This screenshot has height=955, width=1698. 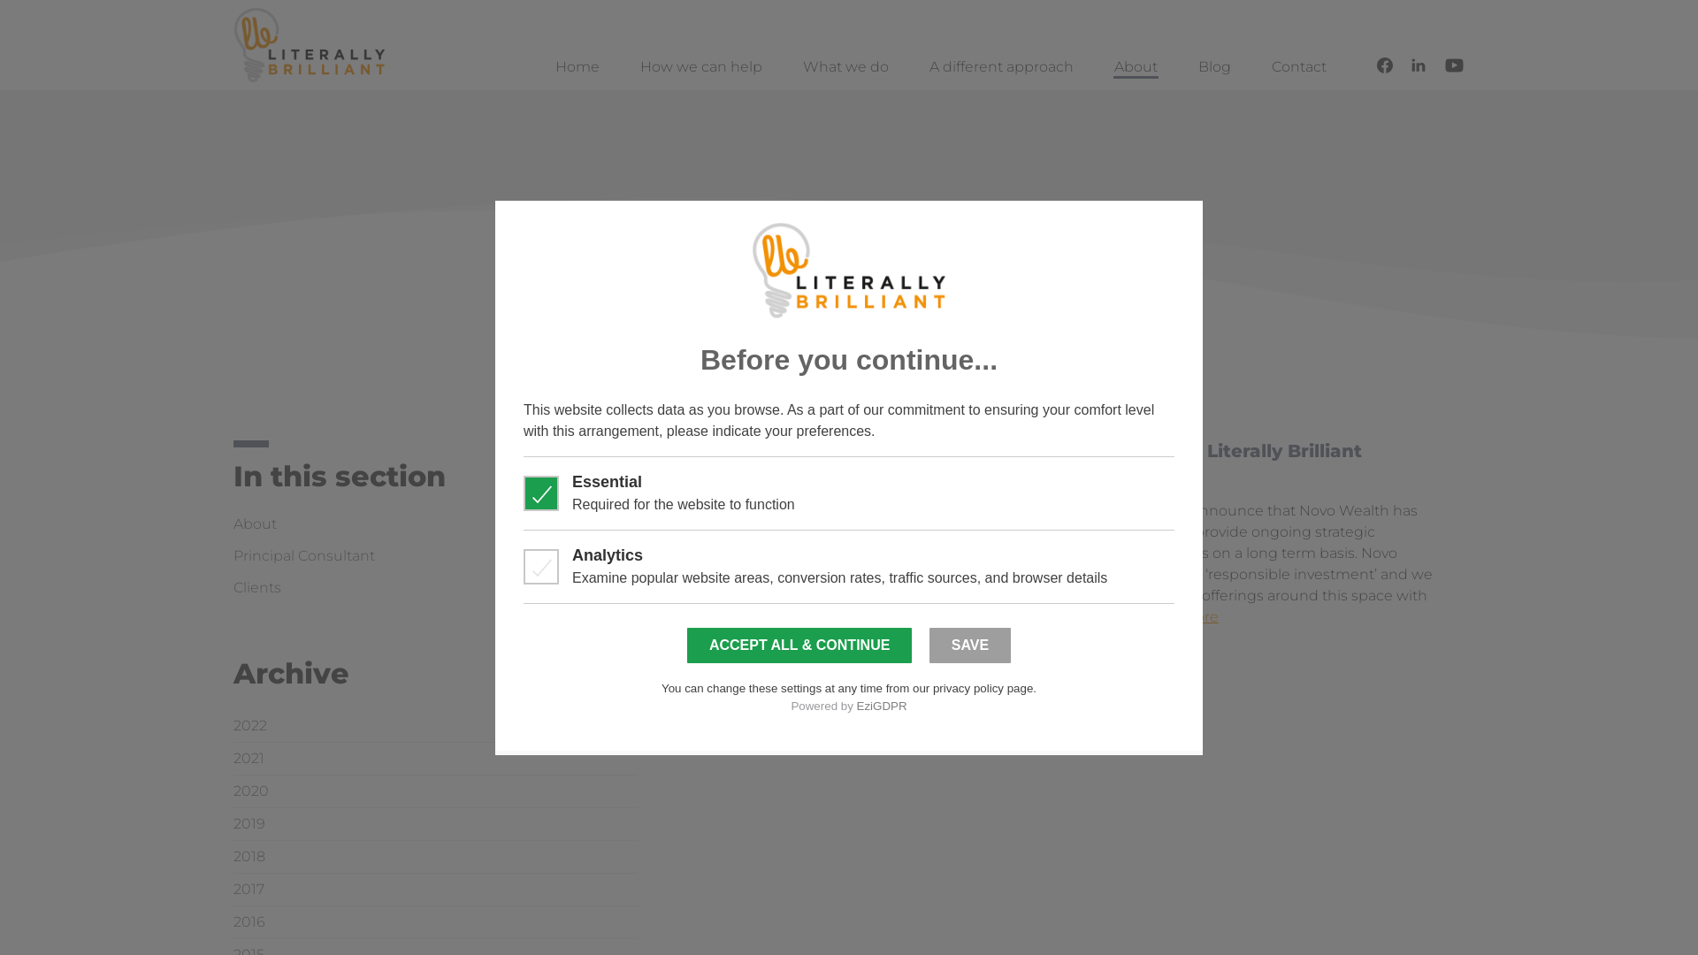 What do you see at coordinates (700, 66) in the screenshot?
I see `'How we can help'` at bounding box center [700, 66].